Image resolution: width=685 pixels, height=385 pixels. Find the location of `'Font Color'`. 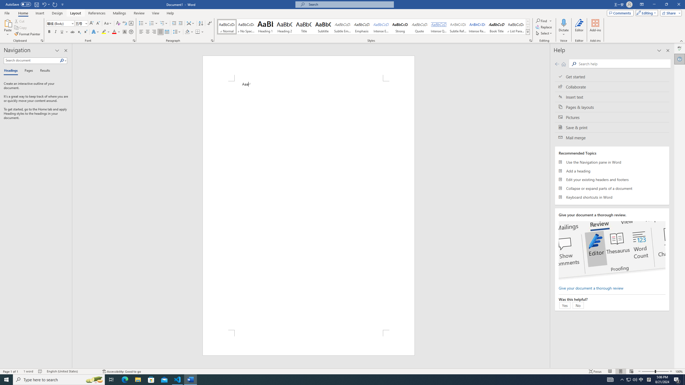

'Font Color' is located at coordinates (116, 32).